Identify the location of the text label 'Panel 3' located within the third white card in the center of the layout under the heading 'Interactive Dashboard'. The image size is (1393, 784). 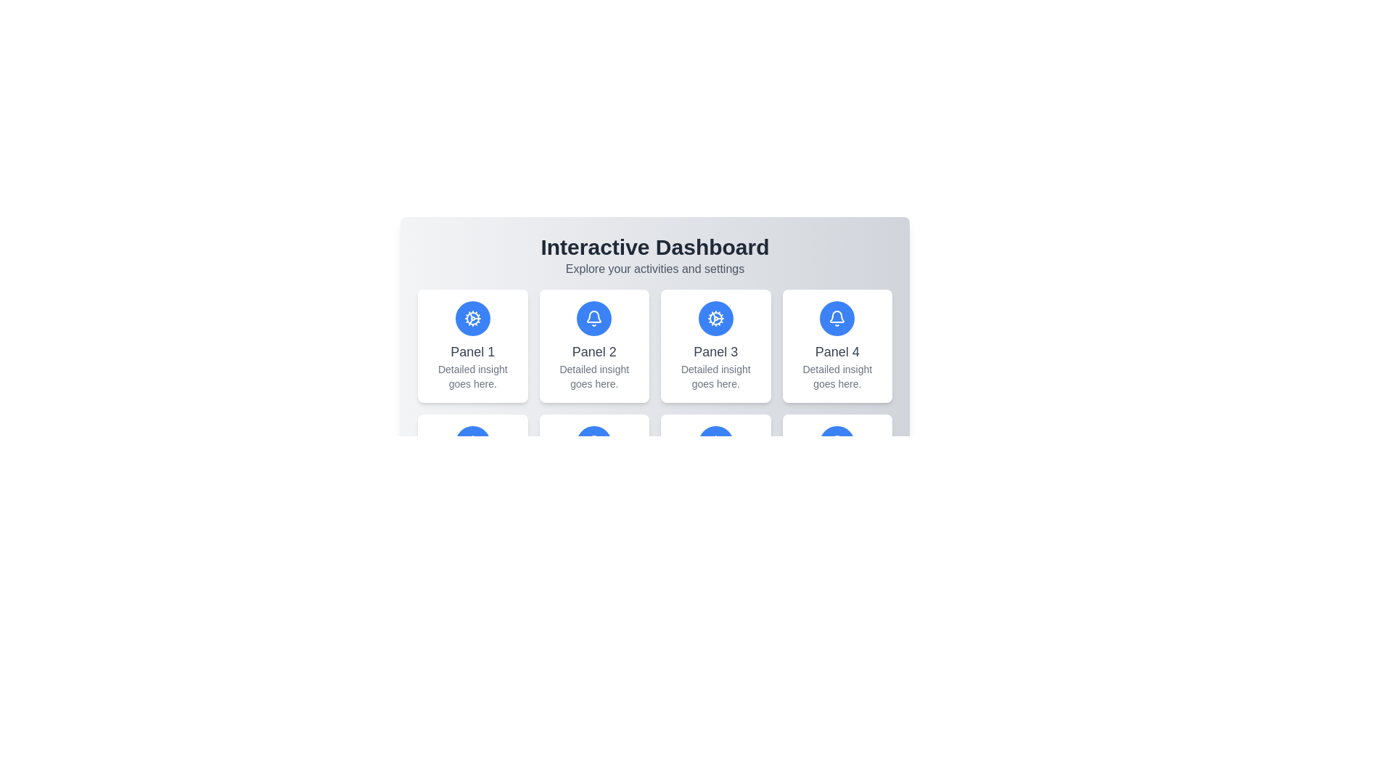
(715, 352).